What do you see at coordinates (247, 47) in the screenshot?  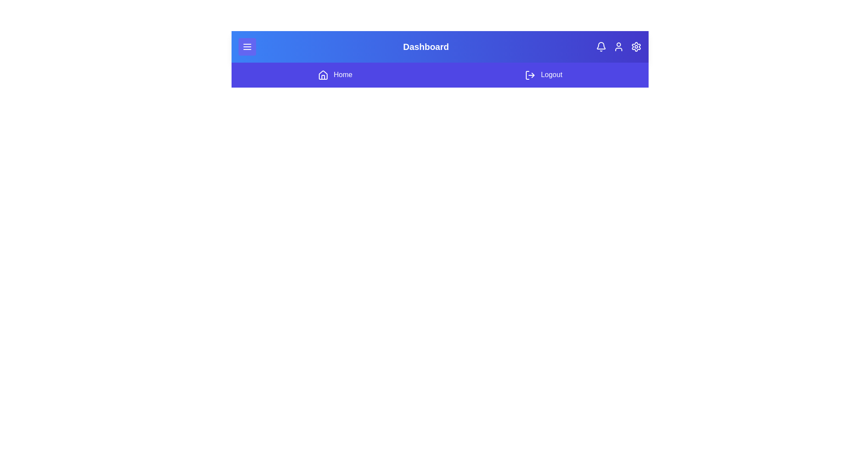 I see `the menu button to toggle the menu open/close state` at bounding box center [247, 47].